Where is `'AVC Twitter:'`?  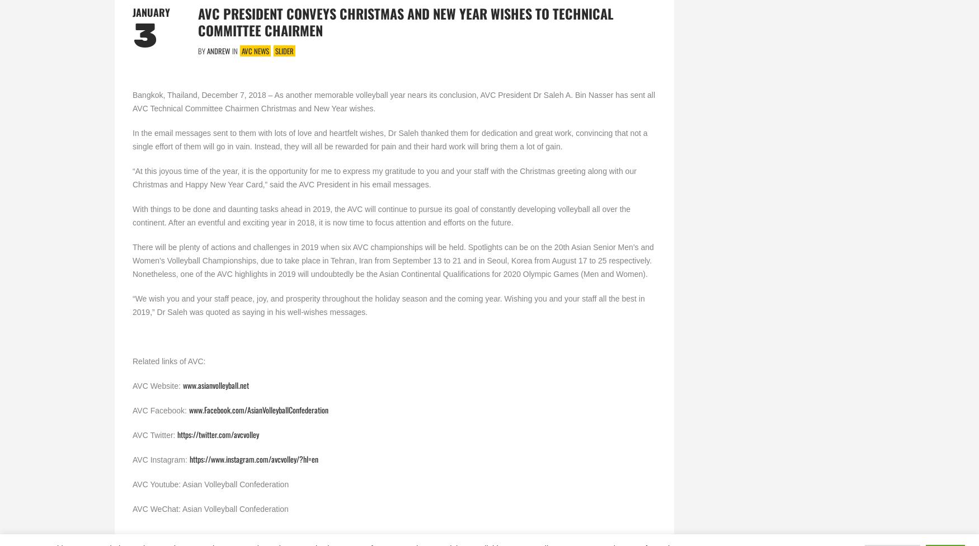 'AVC Twitter:' is located at coordinates (154, 434).